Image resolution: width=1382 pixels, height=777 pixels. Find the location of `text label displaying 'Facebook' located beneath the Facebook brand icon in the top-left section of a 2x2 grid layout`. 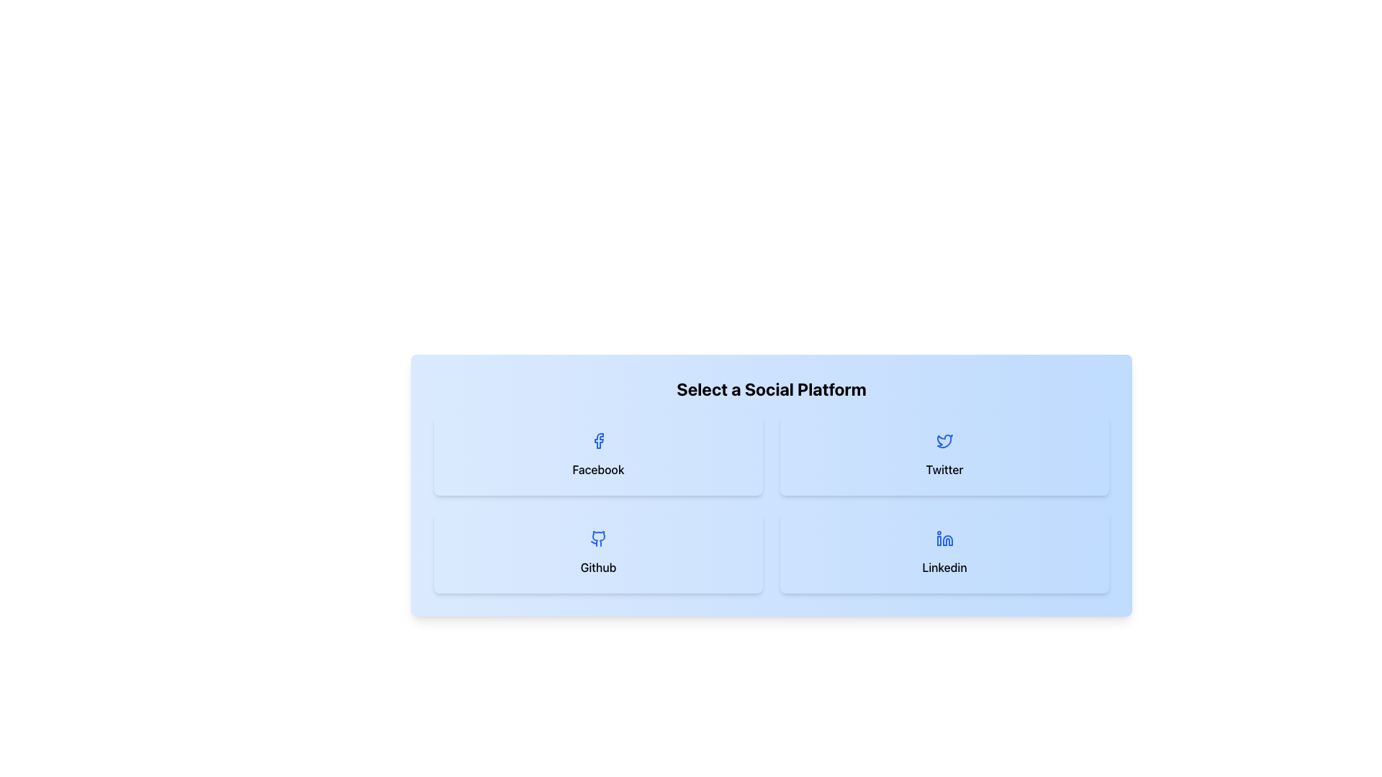

text label displaying 'Facebook' located beneath the Facebook brand icon in the top-left section of a 2x2 grid layout is located at coordinates (598, 469).